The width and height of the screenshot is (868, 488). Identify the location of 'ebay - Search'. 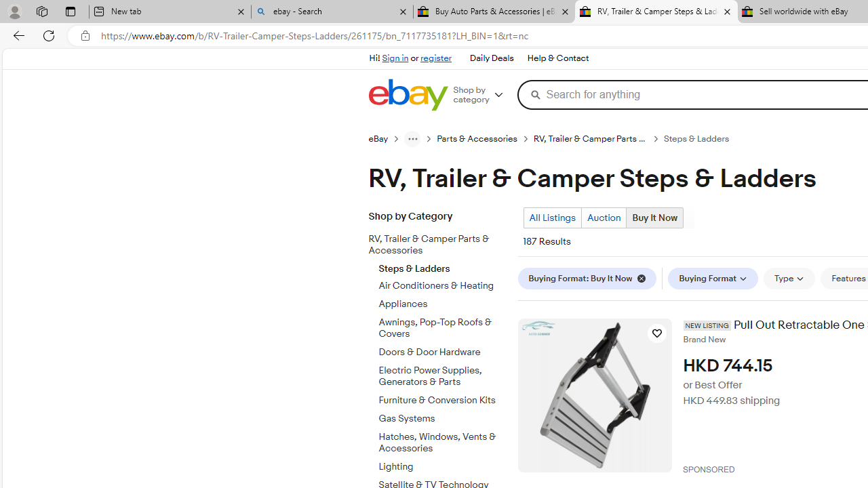
(332, 12).